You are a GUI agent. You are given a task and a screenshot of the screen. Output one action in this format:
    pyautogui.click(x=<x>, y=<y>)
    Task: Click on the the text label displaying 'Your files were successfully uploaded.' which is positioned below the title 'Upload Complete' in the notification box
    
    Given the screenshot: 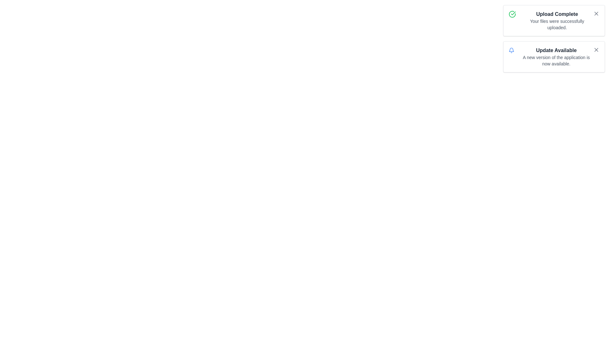 What is the action you would take?
    pyautogui.click(x=557, y=24)
    